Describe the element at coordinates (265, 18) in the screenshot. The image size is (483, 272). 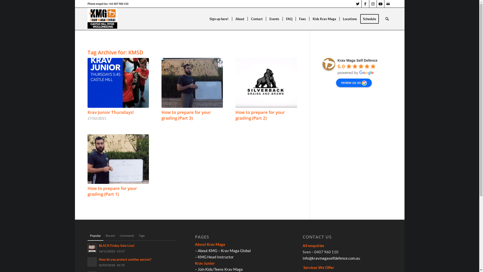
I see `'Events'` at that location.